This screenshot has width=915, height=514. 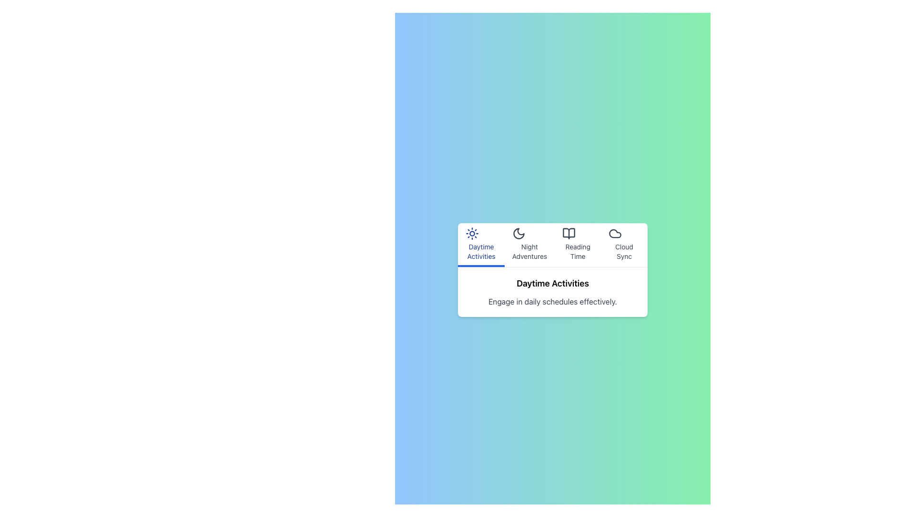 I want to click on text label that indicates the cloud synchronization feature located at the bottom row of the menu, under the cloud icon, on the far right, so click(x=624, y=251).